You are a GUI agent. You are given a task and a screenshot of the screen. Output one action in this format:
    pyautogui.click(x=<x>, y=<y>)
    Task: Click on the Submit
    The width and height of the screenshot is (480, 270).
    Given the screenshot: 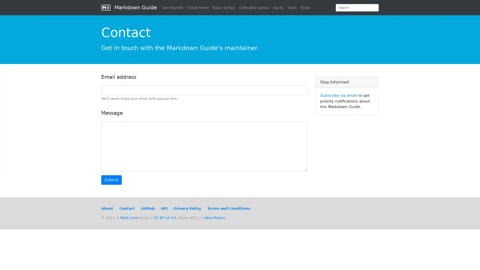 What is the action you would take?
    pyautogui.click(x=111, y=180)
    